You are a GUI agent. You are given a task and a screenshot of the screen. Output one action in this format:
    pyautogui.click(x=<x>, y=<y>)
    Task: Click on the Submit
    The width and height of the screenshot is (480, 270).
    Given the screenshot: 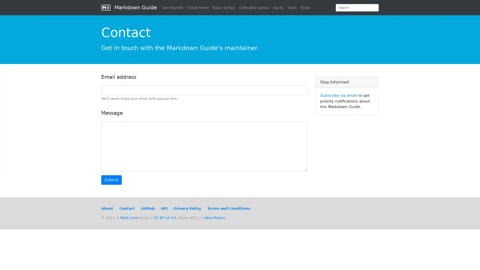 What is the action you would take?
    pyautogui.click(x=111, y=180)
    